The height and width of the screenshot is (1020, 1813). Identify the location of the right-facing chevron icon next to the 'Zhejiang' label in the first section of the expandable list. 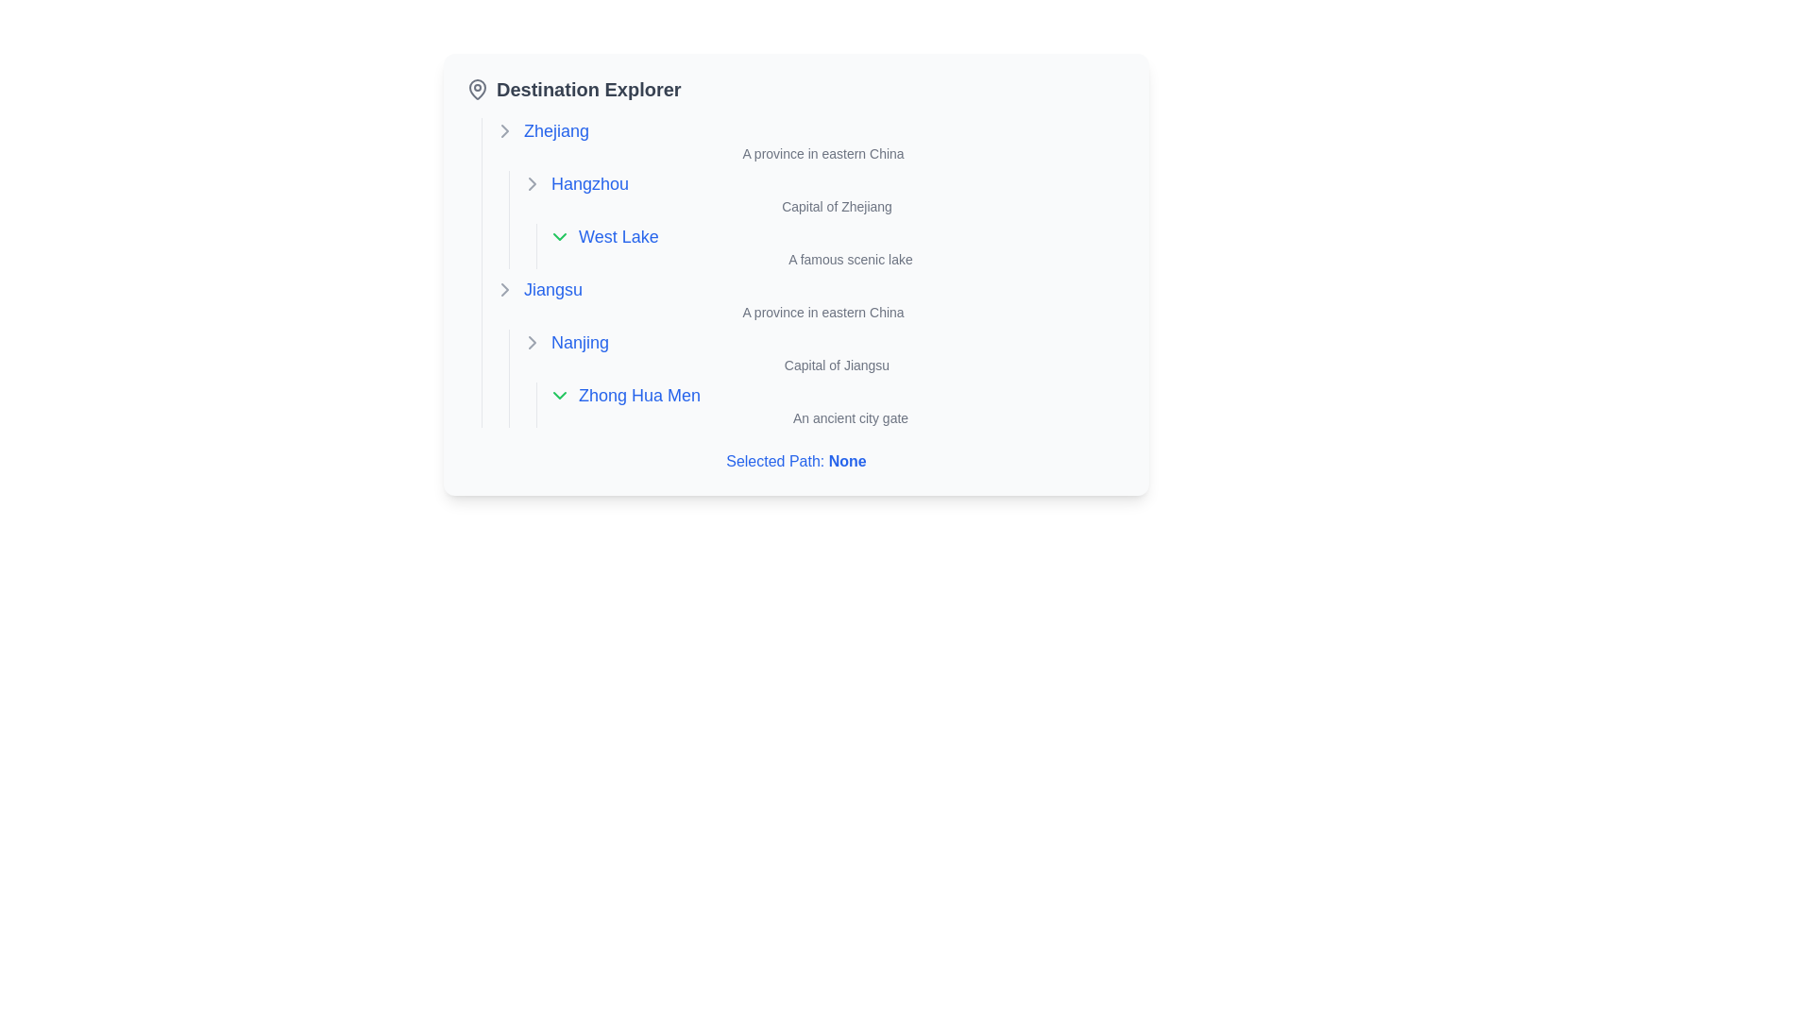
(504, 129).